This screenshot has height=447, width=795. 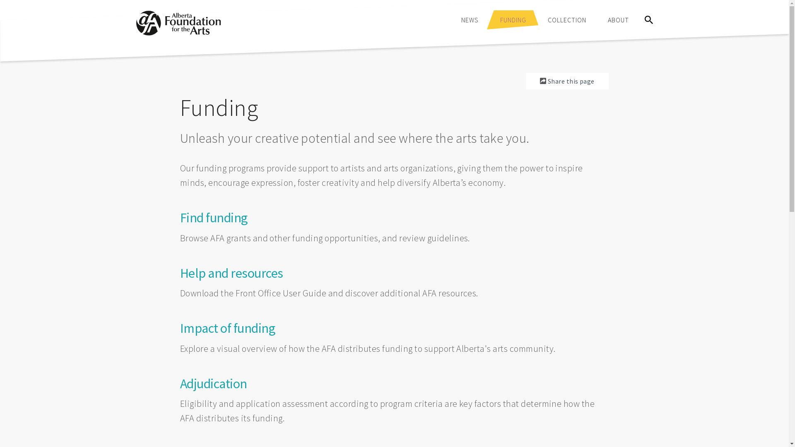 I want to click on 'Impact of funding', so click(x=228, y=328).